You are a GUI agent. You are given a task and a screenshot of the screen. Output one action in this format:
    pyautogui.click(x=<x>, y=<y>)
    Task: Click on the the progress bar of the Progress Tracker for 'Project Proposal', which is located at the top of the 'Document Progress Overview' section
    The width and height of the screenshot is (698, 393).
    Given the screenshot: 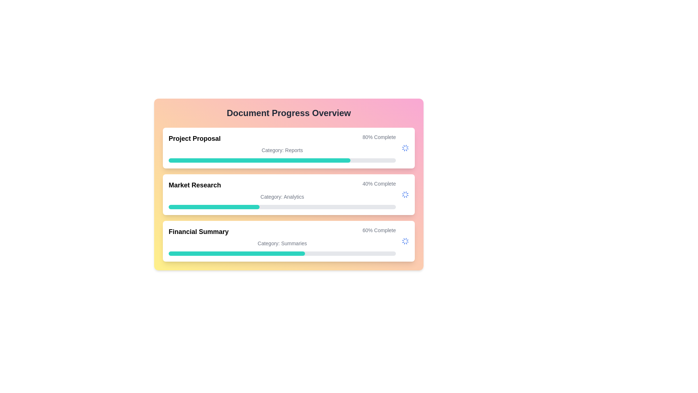 What is the action you would take?
    pyautogui.click(x=282, y=148)
    